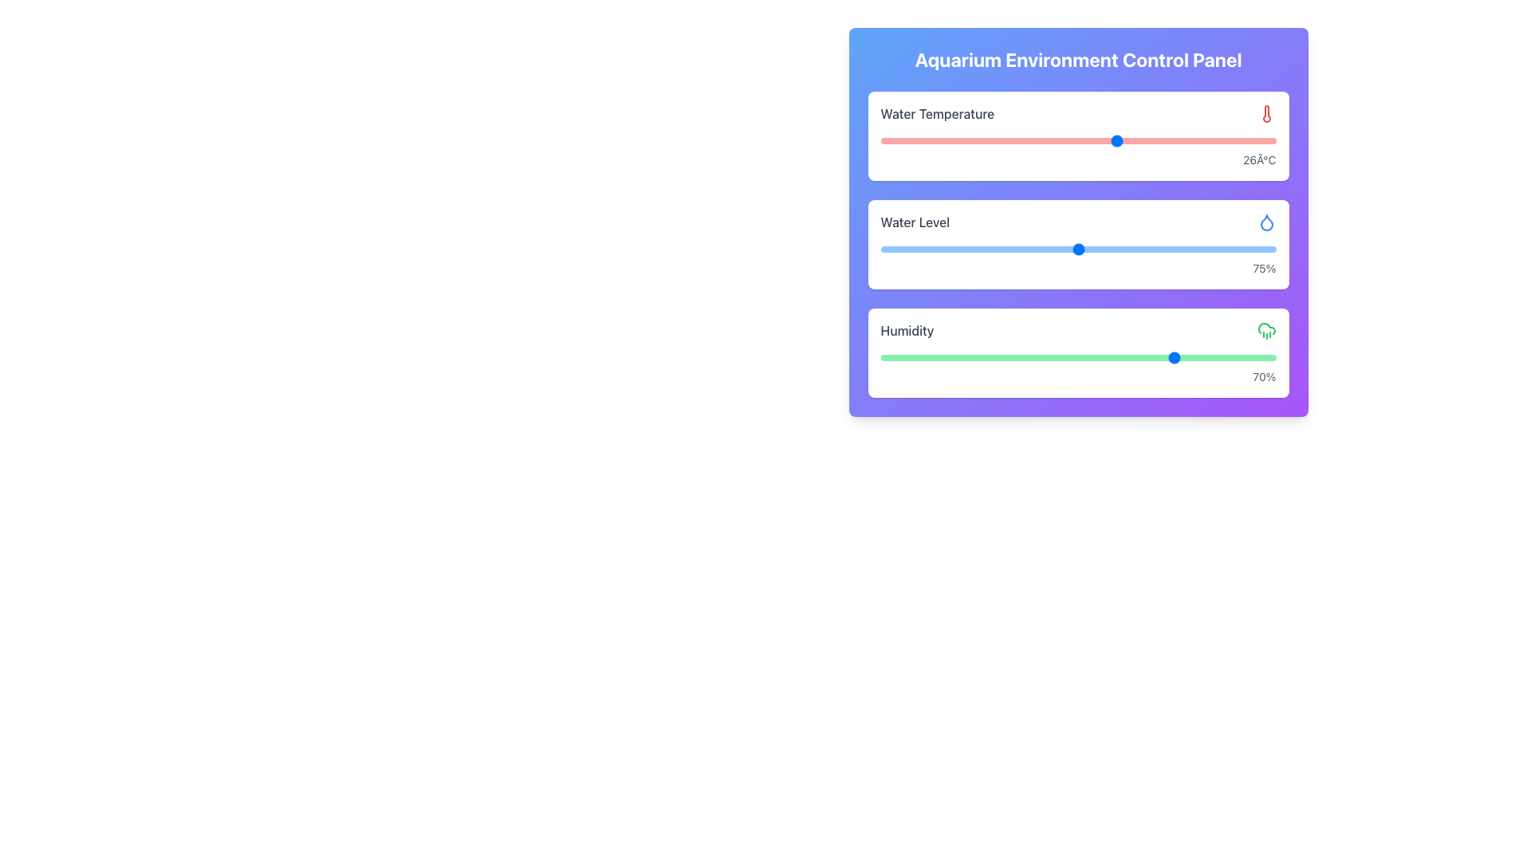 The height and width of the screenshot is (861, 1531). I want to click on the water level, so click(1062, 249).